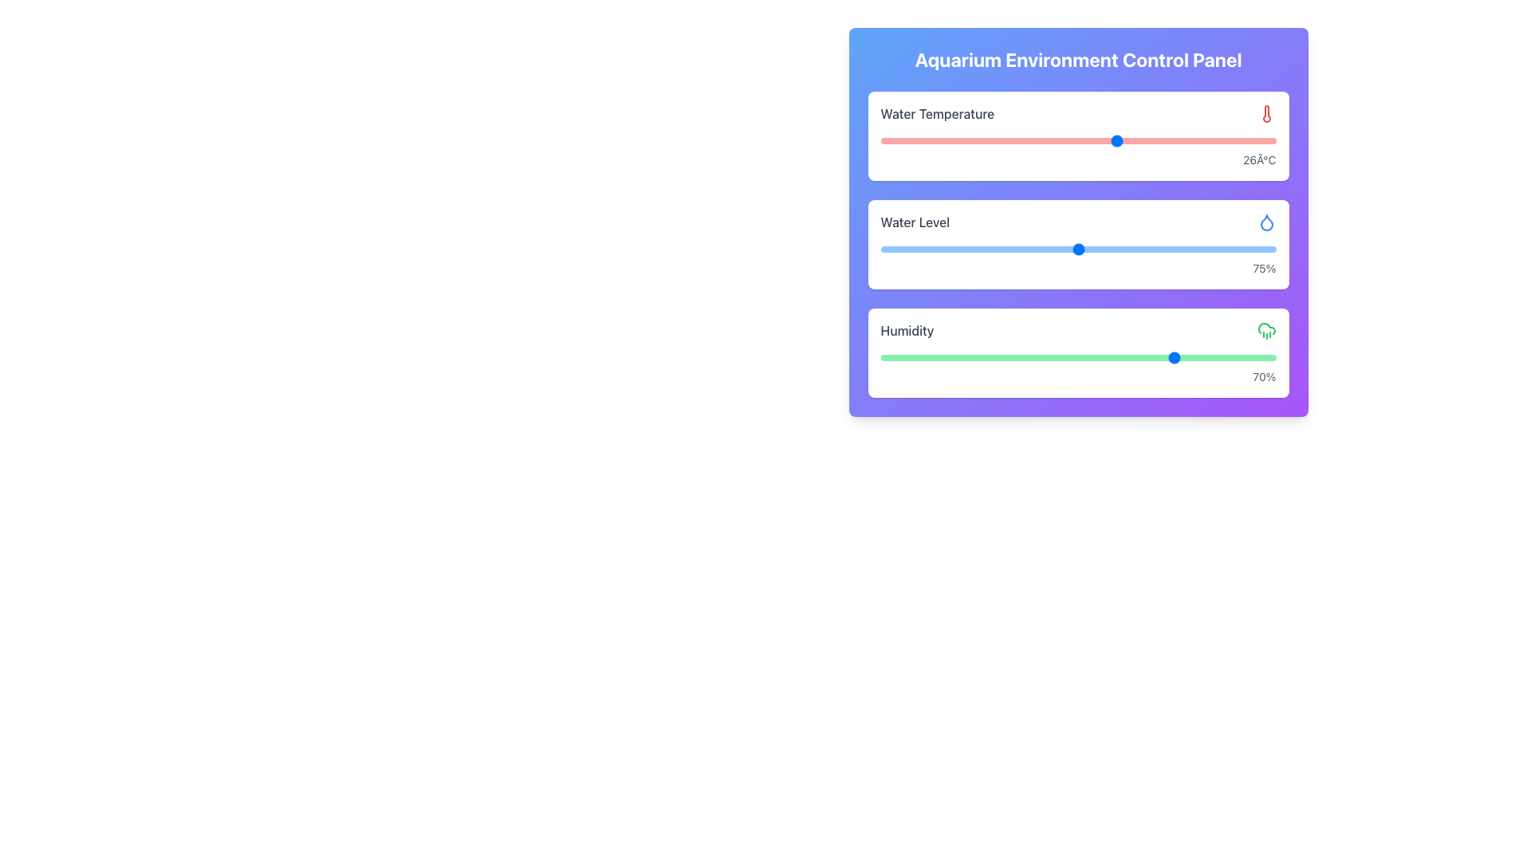 The height and width of the screenshot is (861, 1531). I want to click on the water level, so click(1062, 249).